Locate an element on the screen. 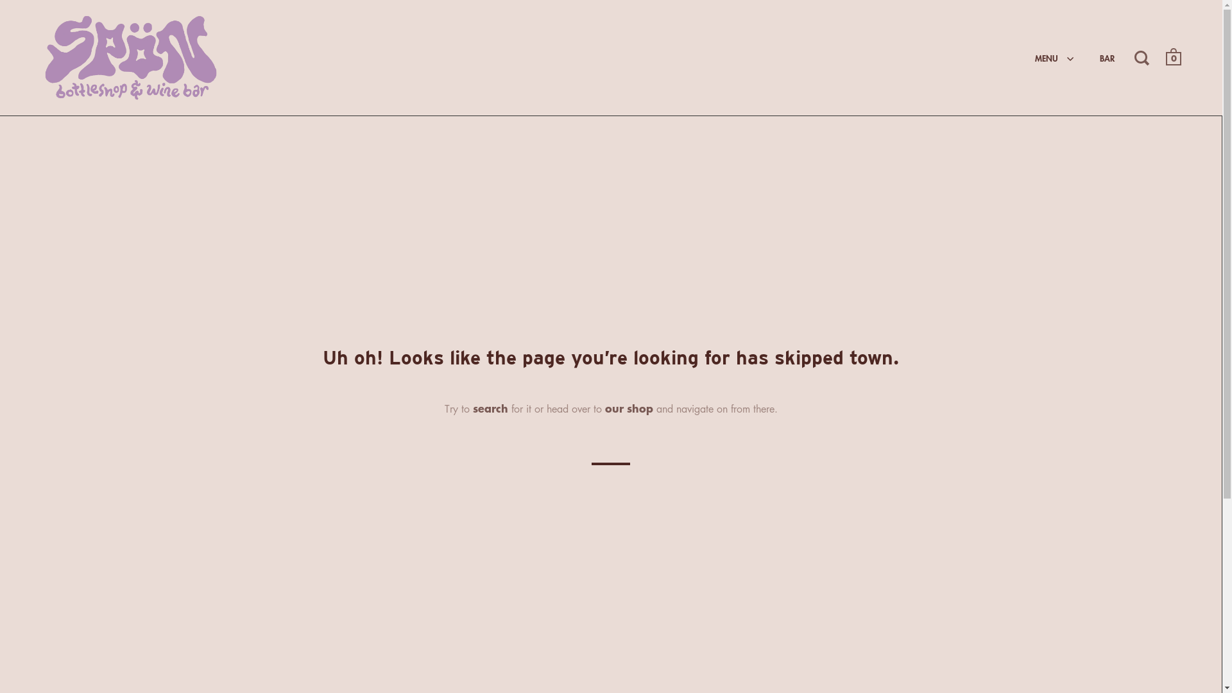 This screenshot has width=1232, height=693. 'Open search' is located at coordinates (1143, 56).